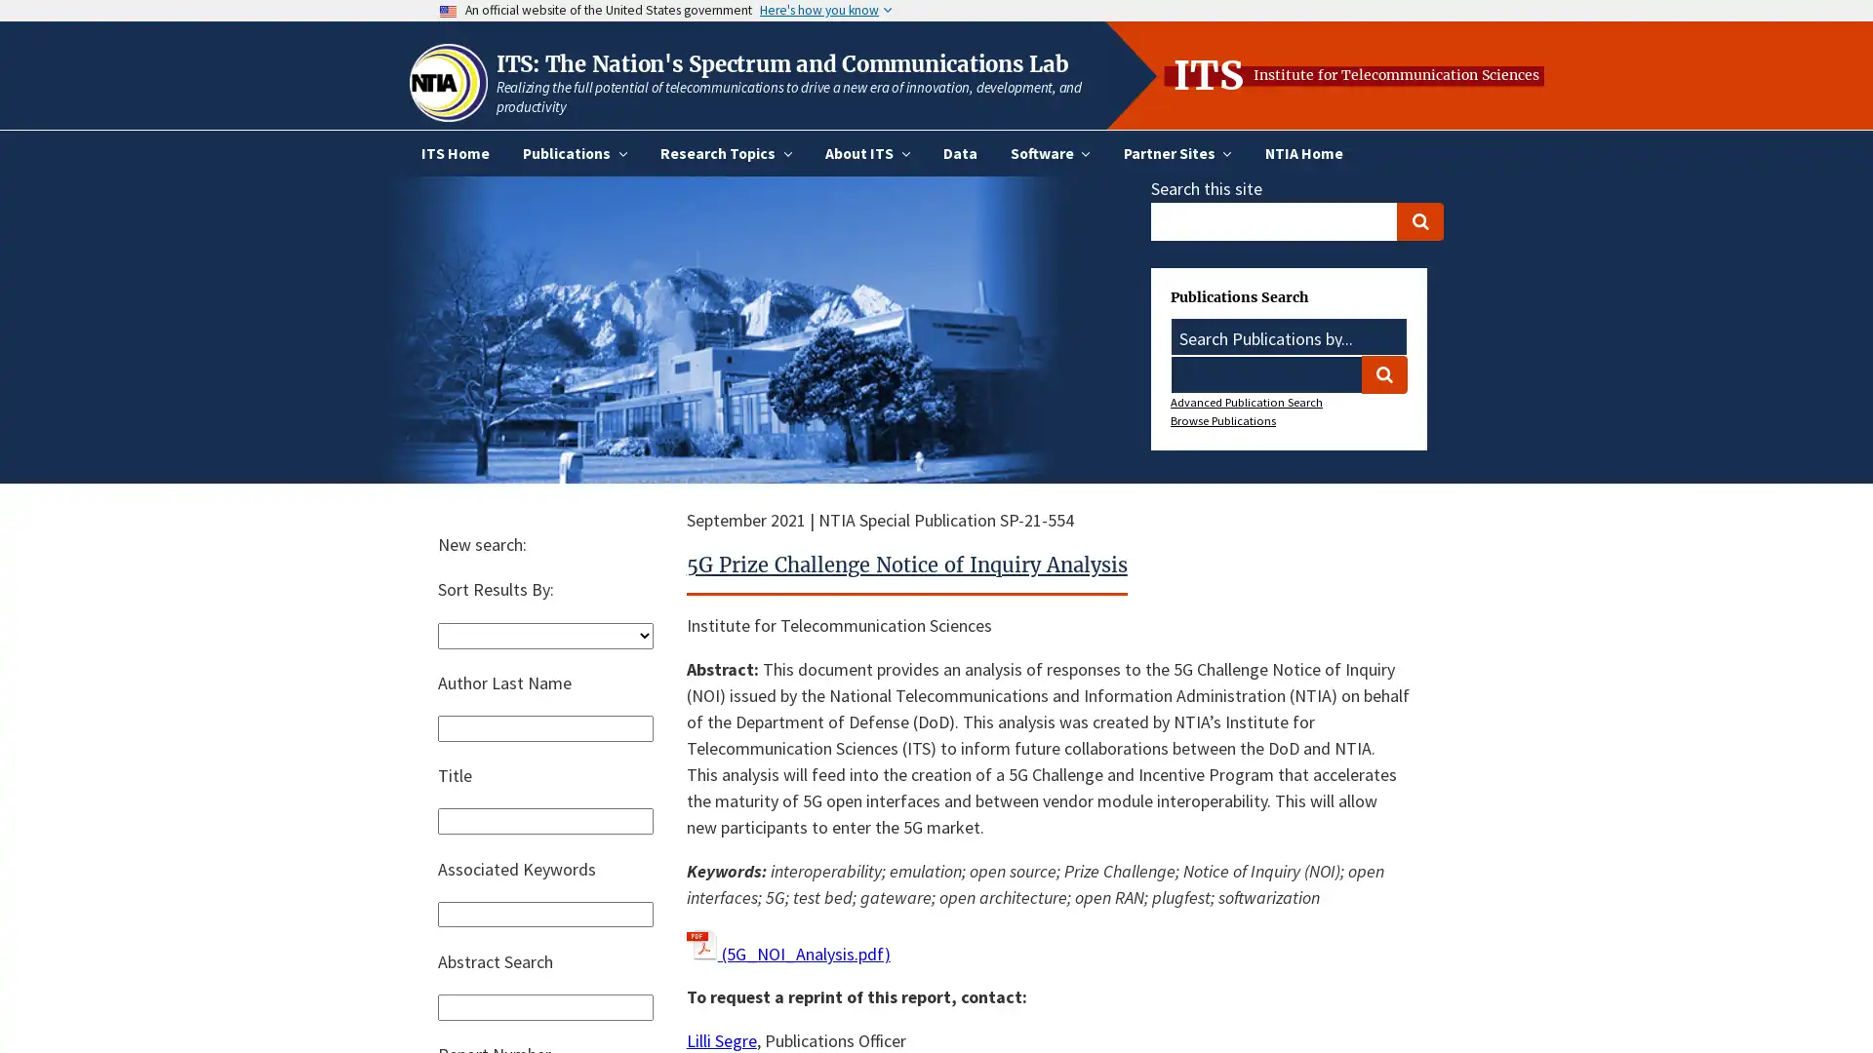  I want to click on Search, so click(1419, 220).